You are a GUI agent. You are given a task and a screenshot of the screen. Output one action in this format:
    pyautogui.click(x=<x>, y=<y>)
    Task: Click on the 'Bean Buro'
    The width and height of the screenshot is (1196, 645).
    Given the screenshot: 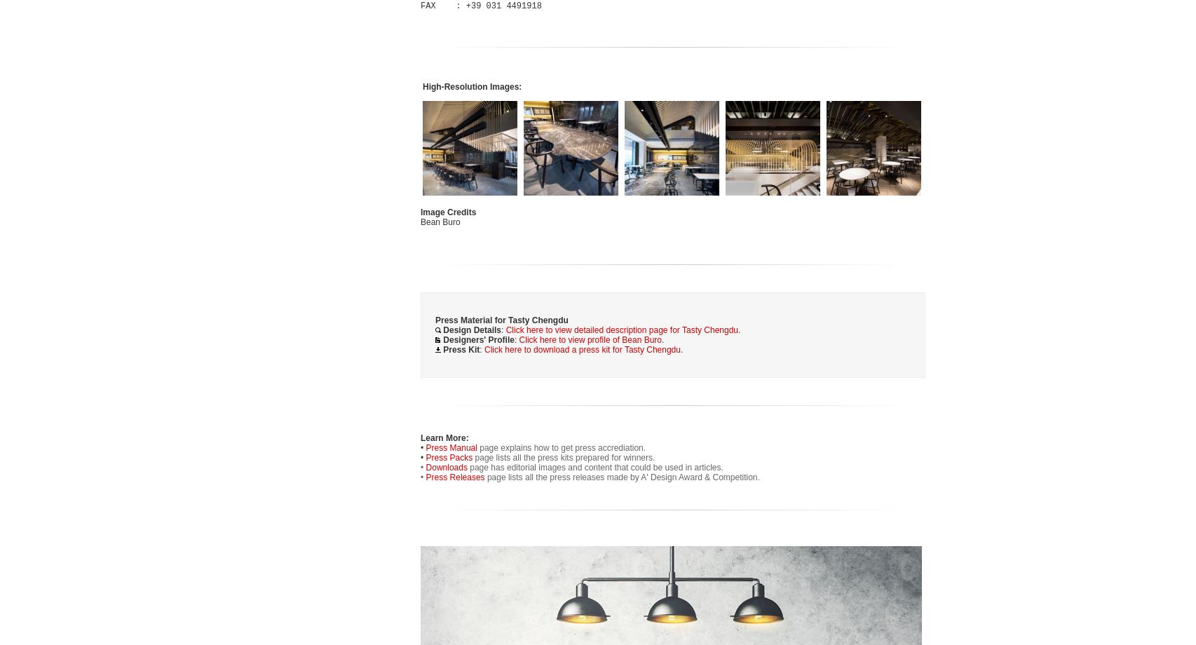 What is the action you would take?
    pyautogui.click(x=439, y=222)
    